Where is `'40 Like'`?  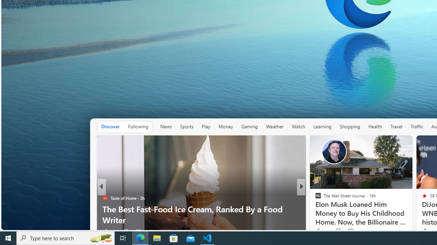
'40 Like' is located at coordinates (319, 231).